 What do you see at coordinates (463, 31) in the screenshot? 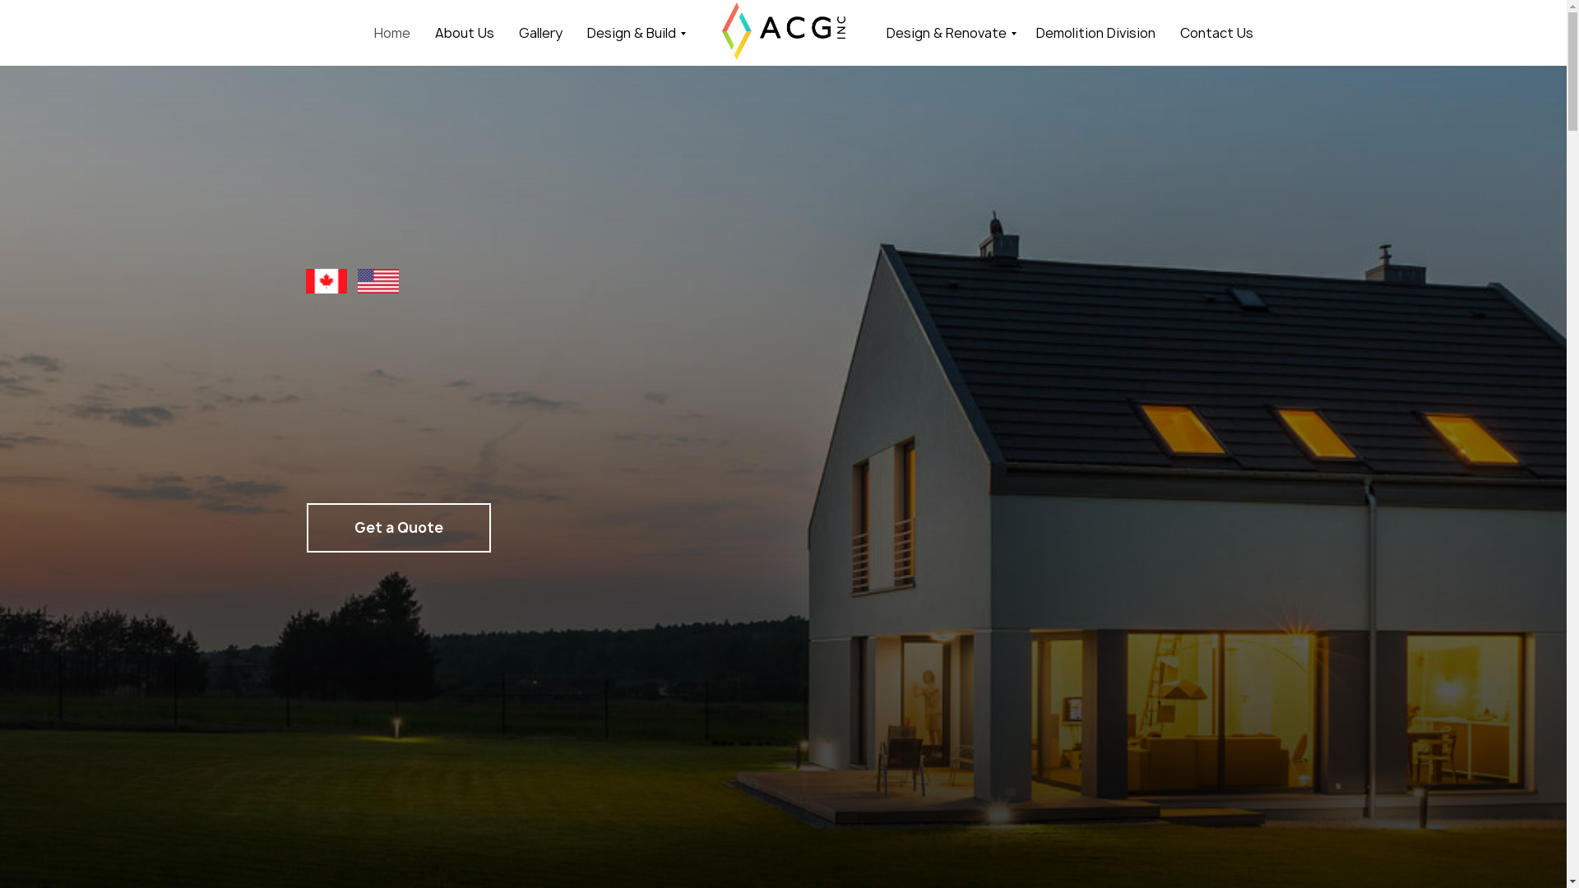
I see `'About Us'` at bounding box center [463, 31].